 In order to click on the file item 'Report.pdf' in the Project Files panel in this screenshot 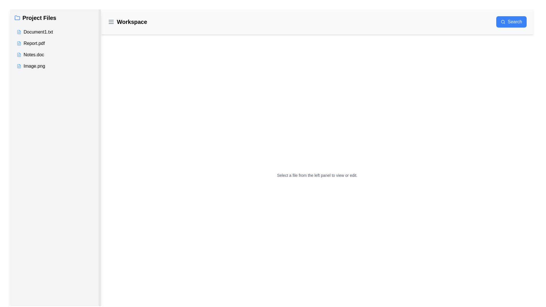, I will do `click(55, 42)`.